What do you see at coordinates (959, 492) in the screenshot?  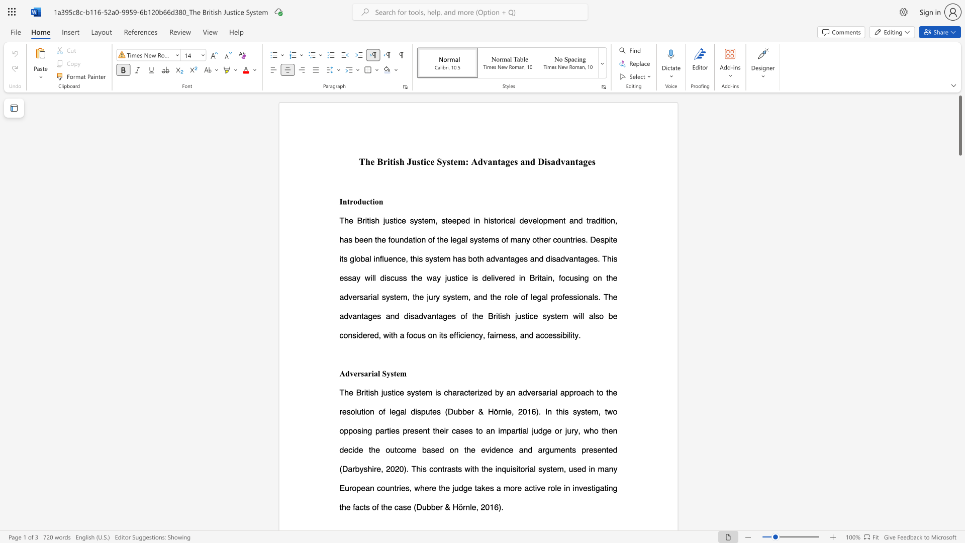 I see `the scrollbar to scroll the page down` at bounding box center [959, 492].